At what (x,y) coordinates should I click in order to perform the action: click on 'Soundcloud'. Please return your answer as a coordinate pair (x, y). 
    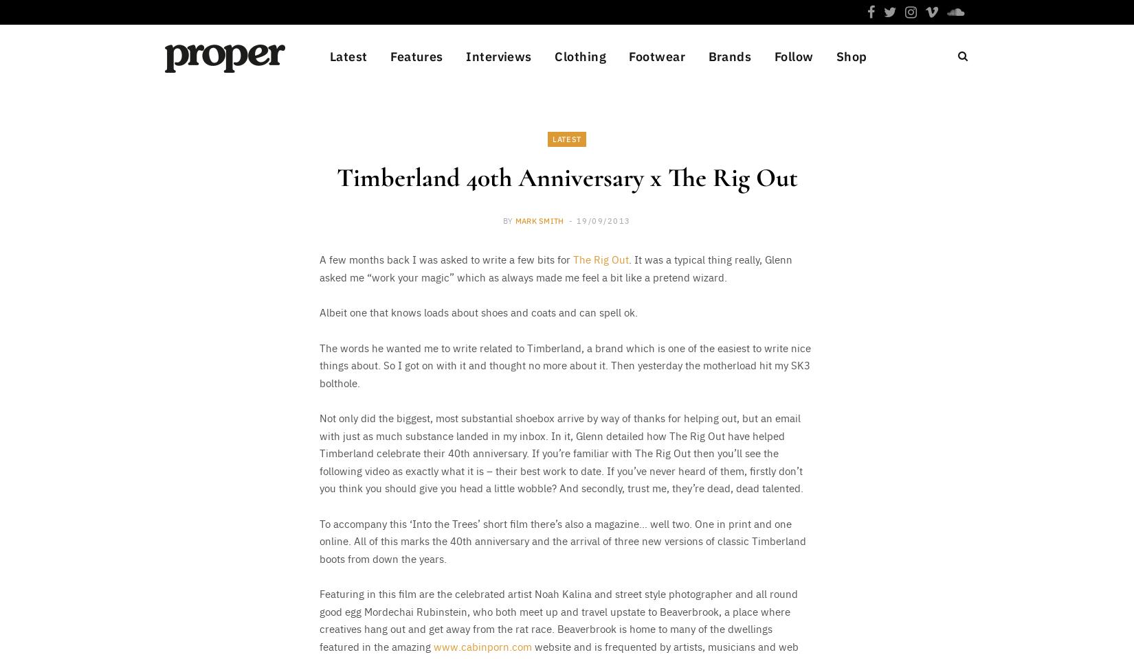
    Looking at the image, I should click on (803, 362).